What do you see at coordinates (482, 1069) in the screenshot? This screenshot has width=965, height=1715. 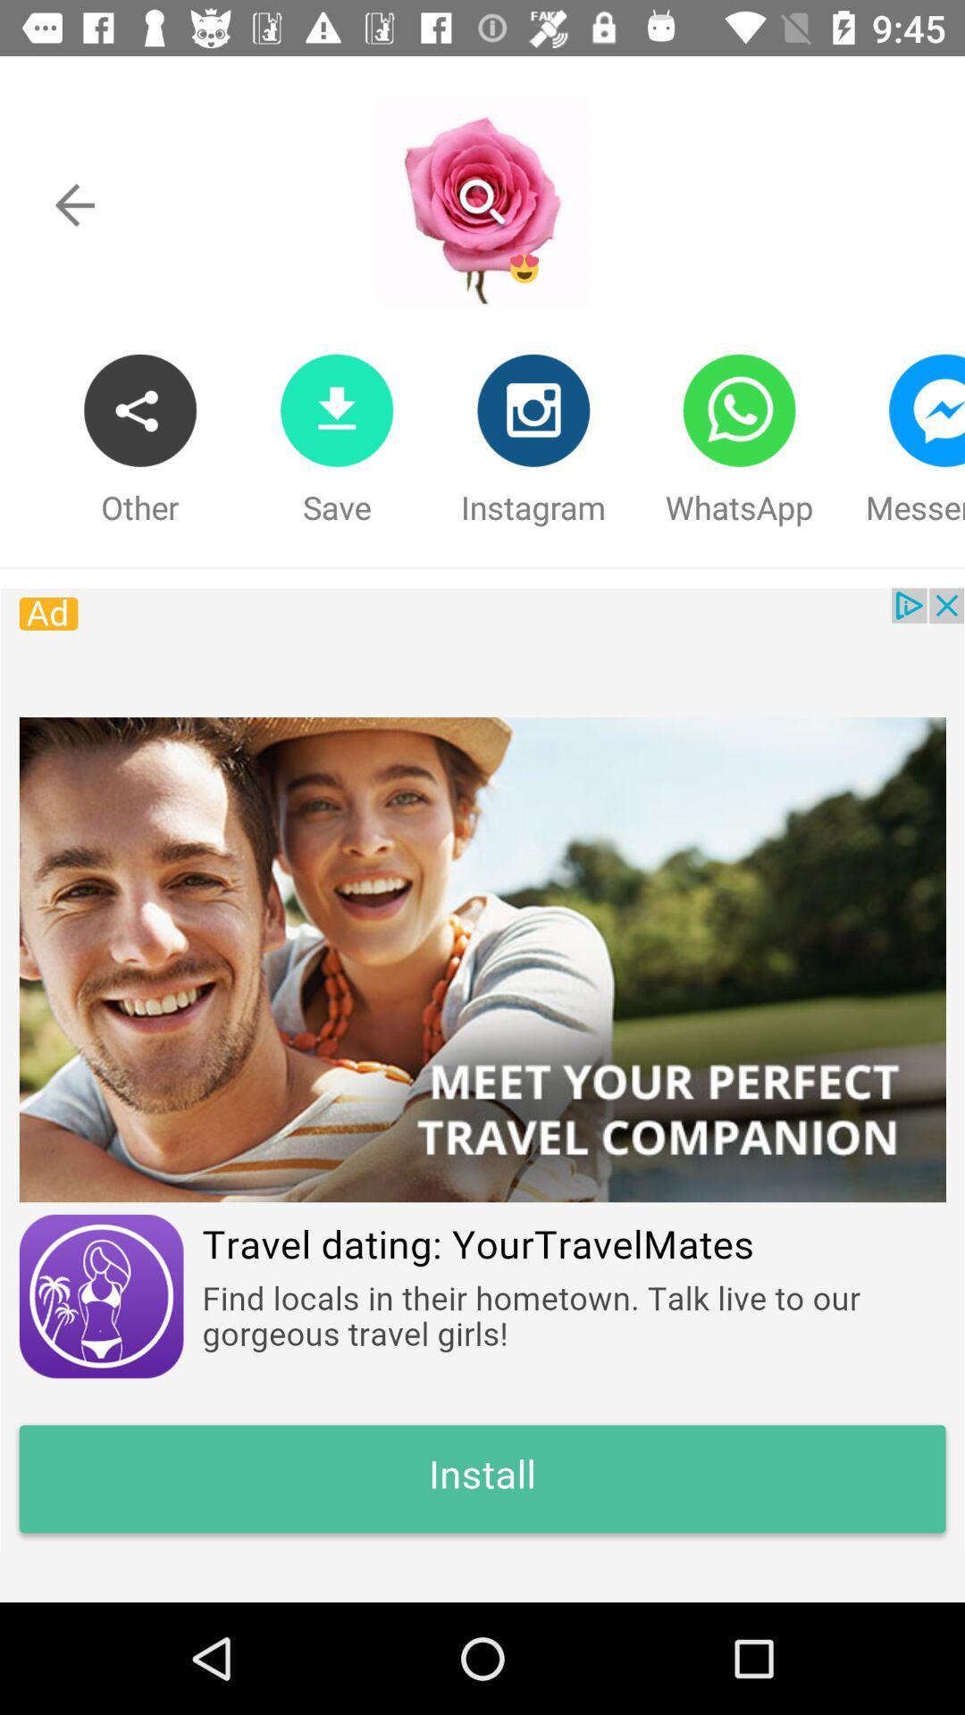 I see `remove the add` at bounding box center [482, 1069].